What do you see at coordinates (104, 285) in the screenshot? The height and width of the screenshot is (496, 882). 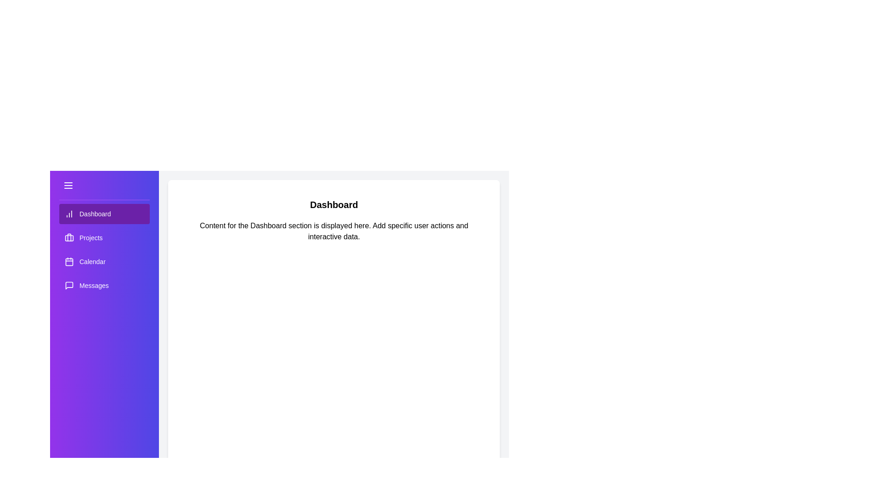 I see `the menu item labeled Messages to switch the content` at bounding box center [104, 285].